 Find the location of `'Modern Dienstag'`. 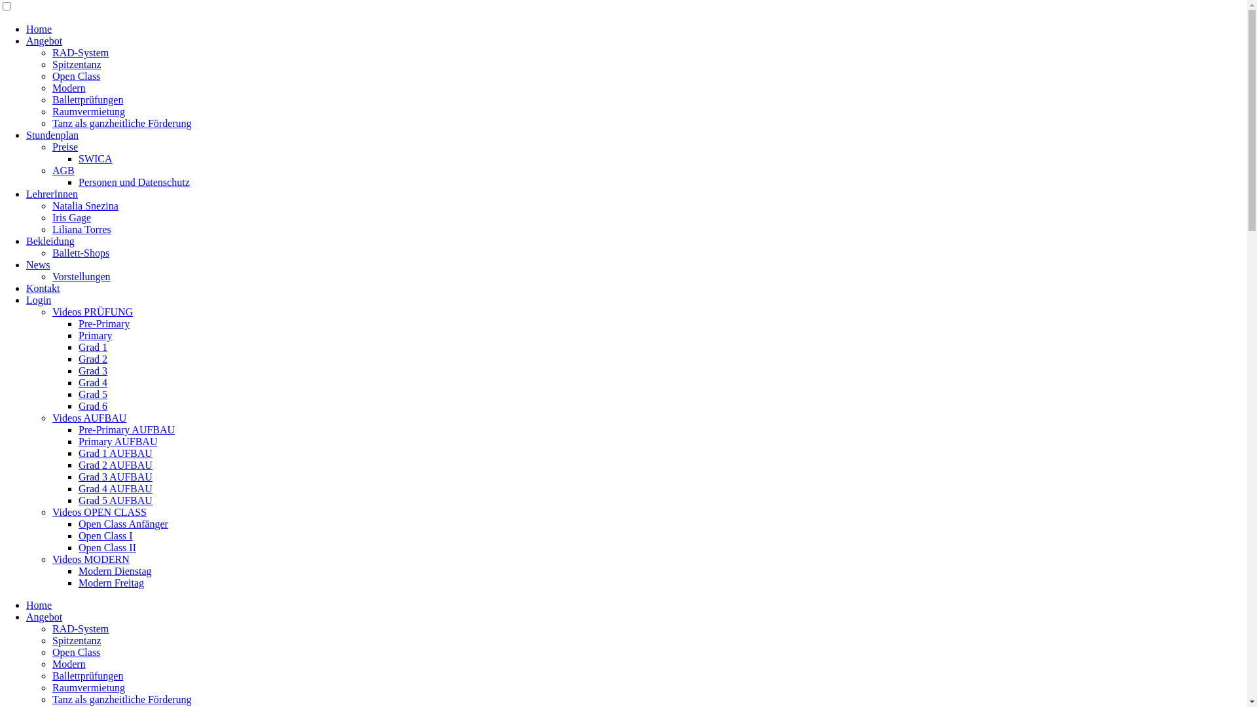

'Modern Dienstag' is located at coordinates (115, 570).